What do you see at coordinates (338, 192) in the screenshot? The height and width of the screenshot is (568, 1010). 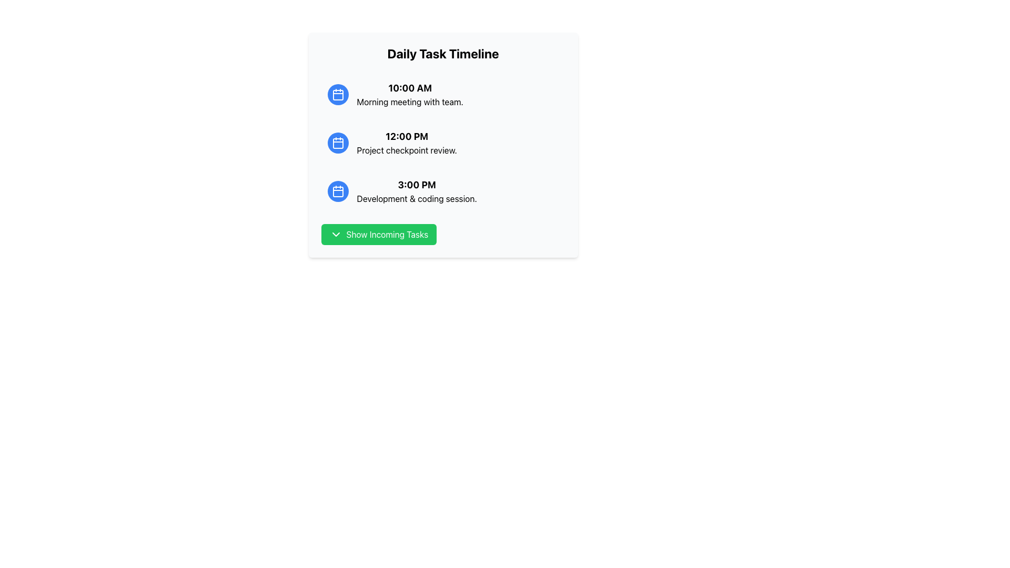 I see `the central rounded rectangle of the calendar icon representing the '3:00 PM Development & coding session' task in the 'Daily Task Timeline'` at bounding box center [338, 192].